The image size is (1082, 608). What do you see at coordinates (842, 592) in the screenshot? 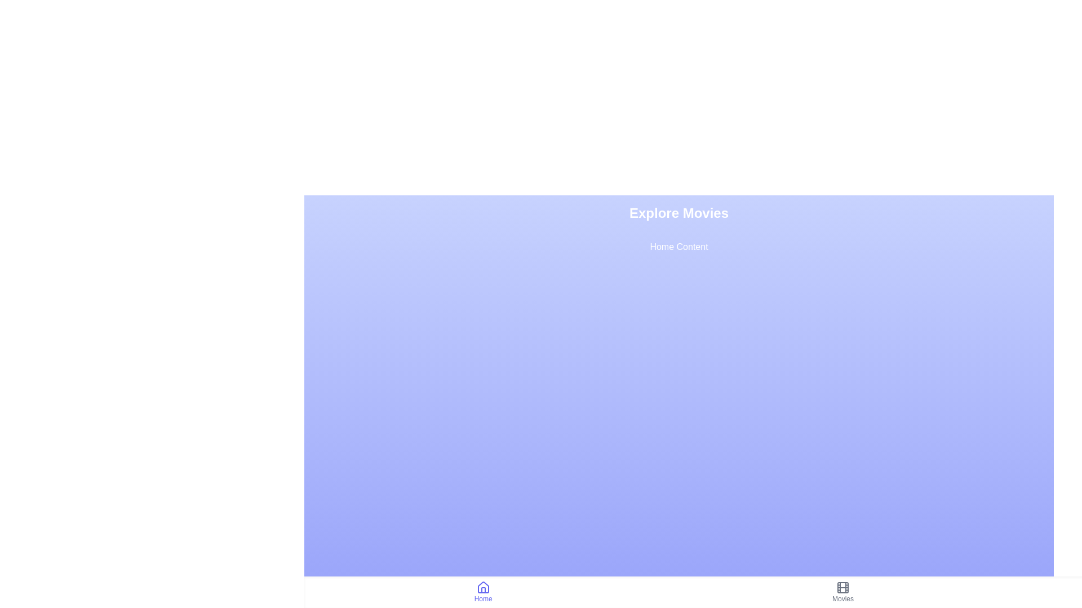
I see `the 'Movies' button, which is a light gray button with a film reel icon above the text label 'Movies', located centrally at the bottom of the interface between 'Home' and 'Profiles'` at bounding box center [842, 592].